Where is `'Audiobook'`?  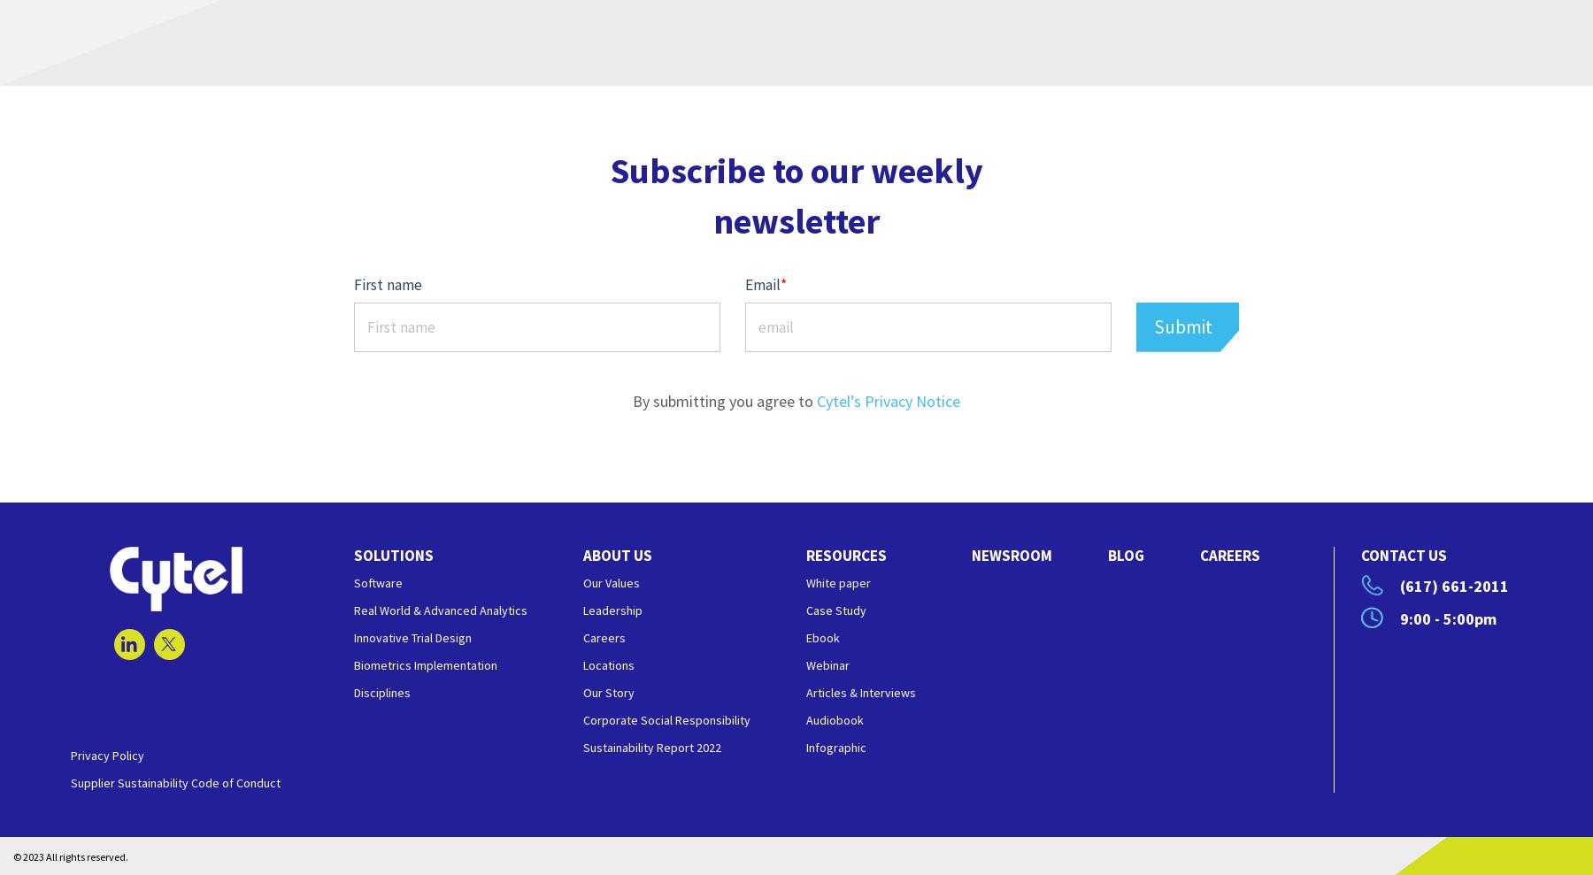 'Audiobook' is located at coordinates (834, 719).